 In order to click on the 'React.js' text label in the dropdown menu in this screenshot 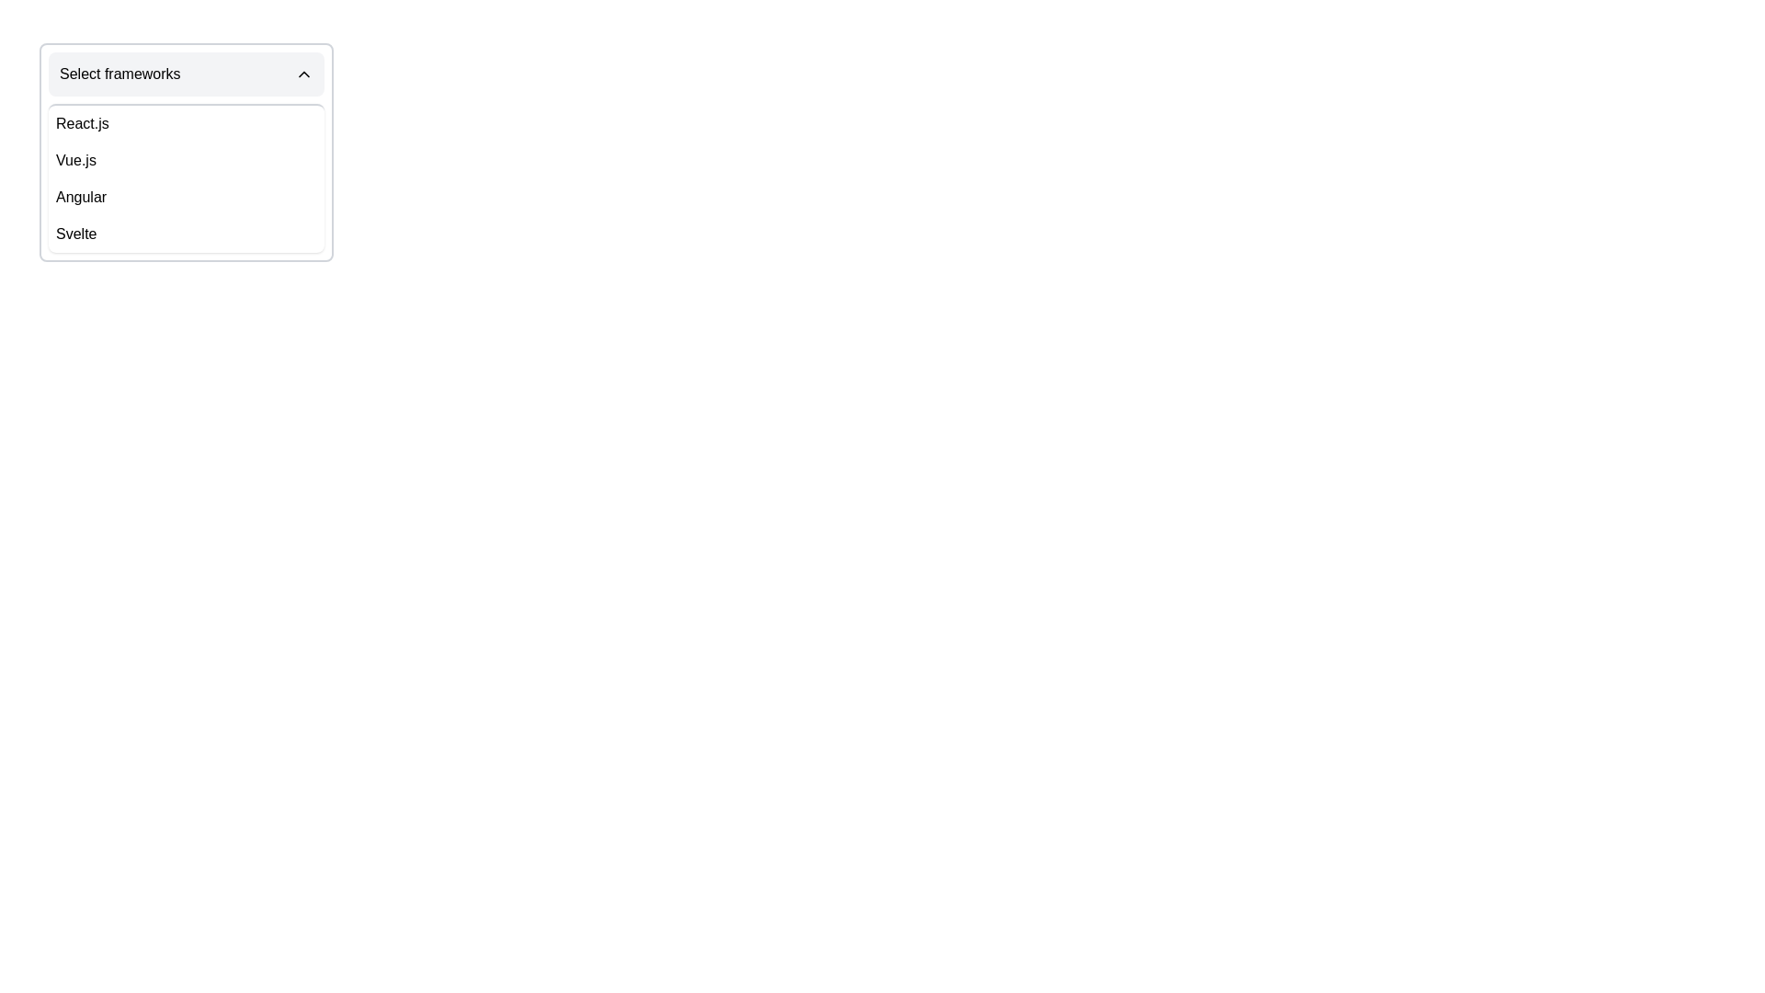, I will do `click(81, 124)`.